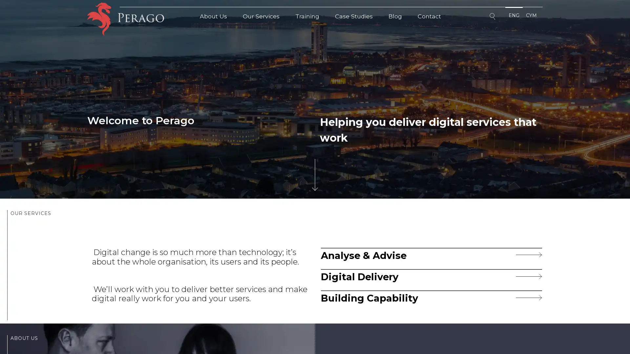  What do you see at coordinates (493, 17) in the screenshot?
I see `Search button` at bounding box center [493, 17].